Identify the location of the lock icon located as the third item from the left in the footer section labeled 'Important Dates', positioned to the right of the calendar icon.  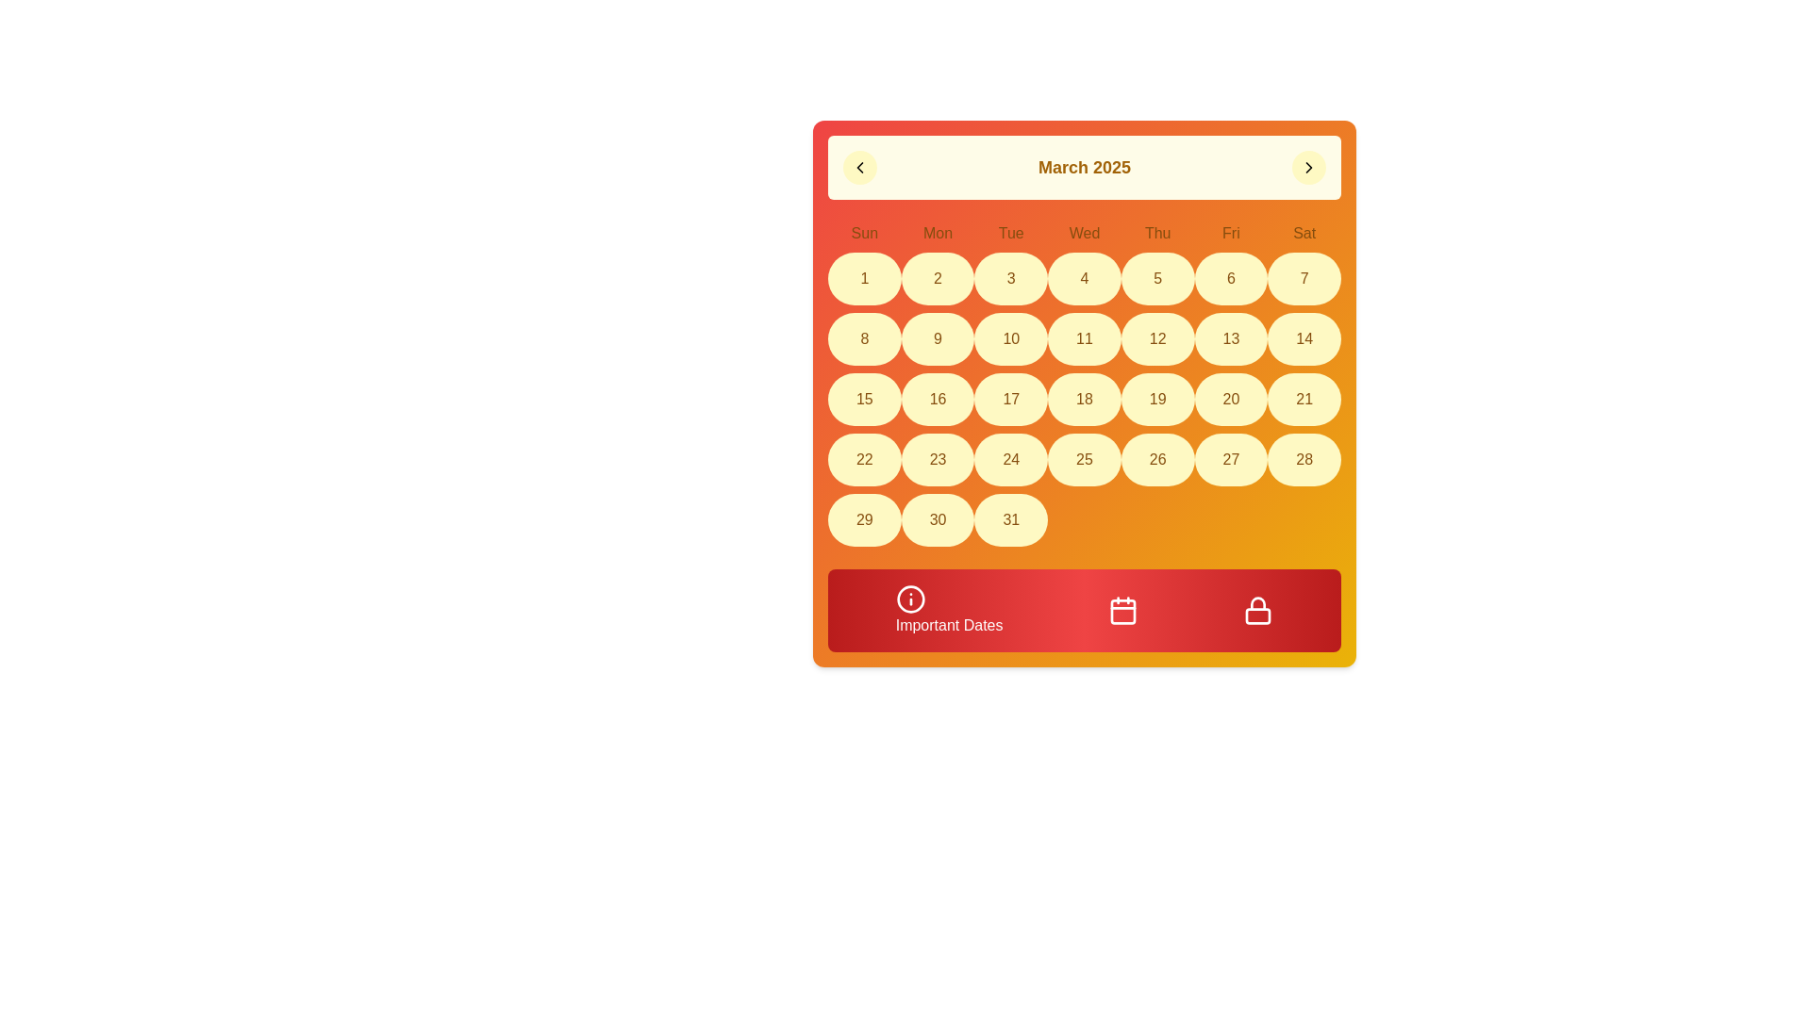
(1258, 611).